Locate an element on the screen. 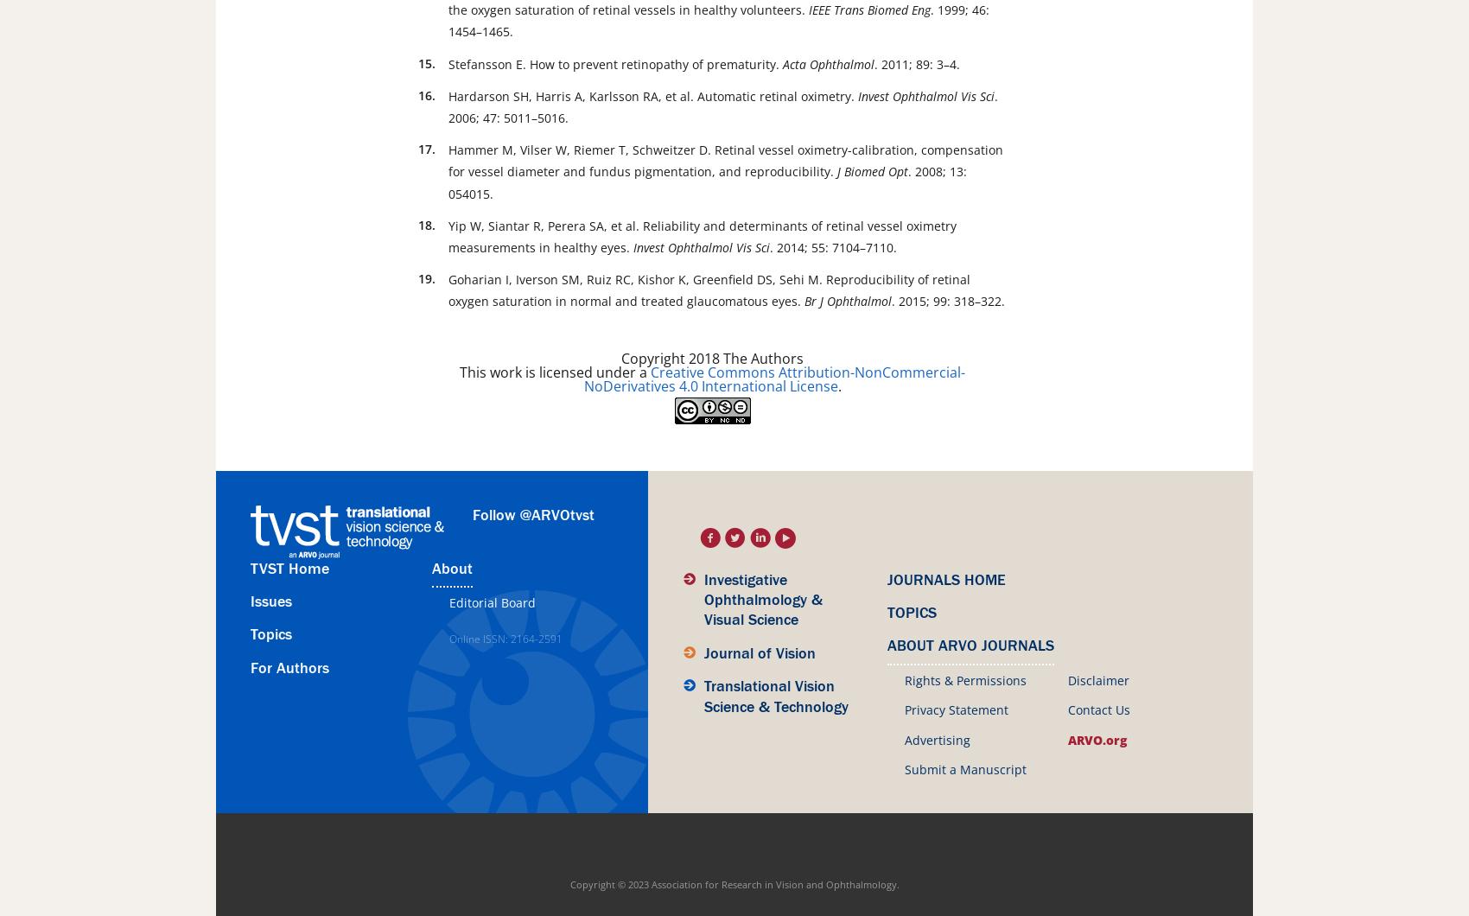 The width and height of the screenshot is (1469, 916). 'Contact Us' is located at coordinates (1066, 709).